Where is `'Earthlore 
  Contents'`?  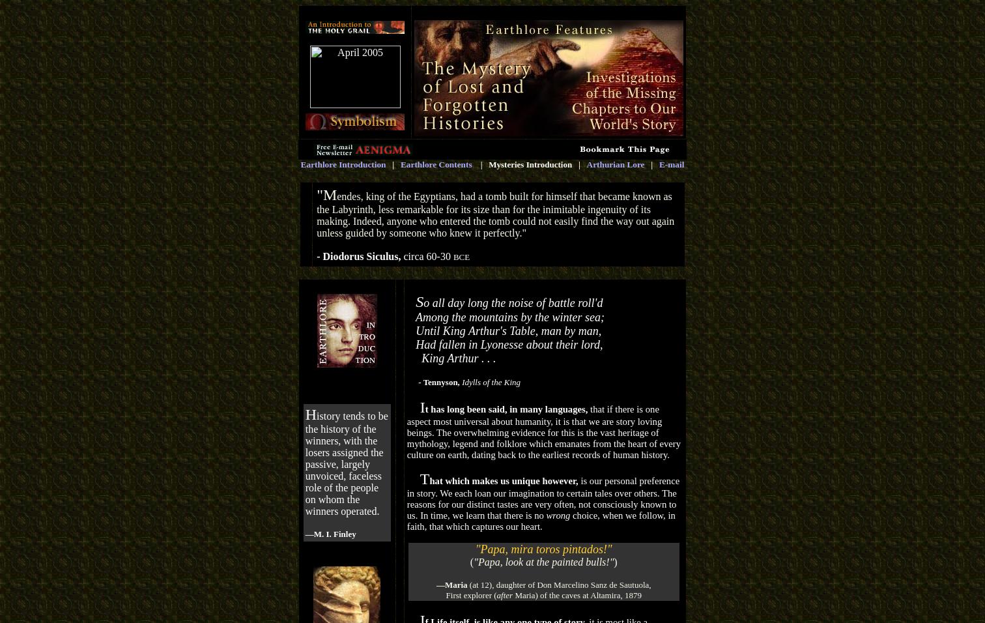
'Earthlore 
  Contents' is located at coordinates (436, 164).